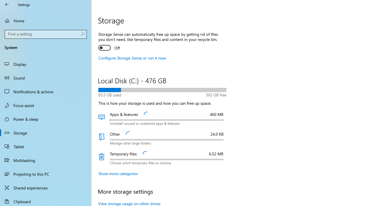  Describe the element at coordinates (46, 160) in the screenshot. I see `'Multitasking'` at that location.